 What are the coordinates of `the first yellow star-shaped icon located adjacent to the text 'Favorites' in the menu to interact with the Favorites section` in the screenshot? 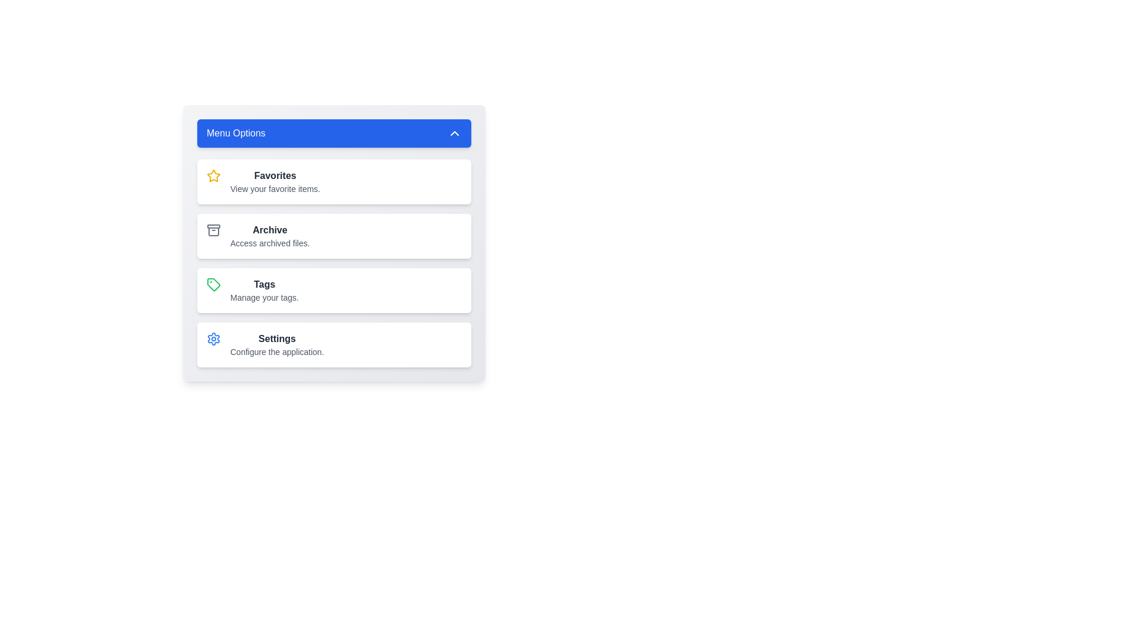 It's located at (213, 175).